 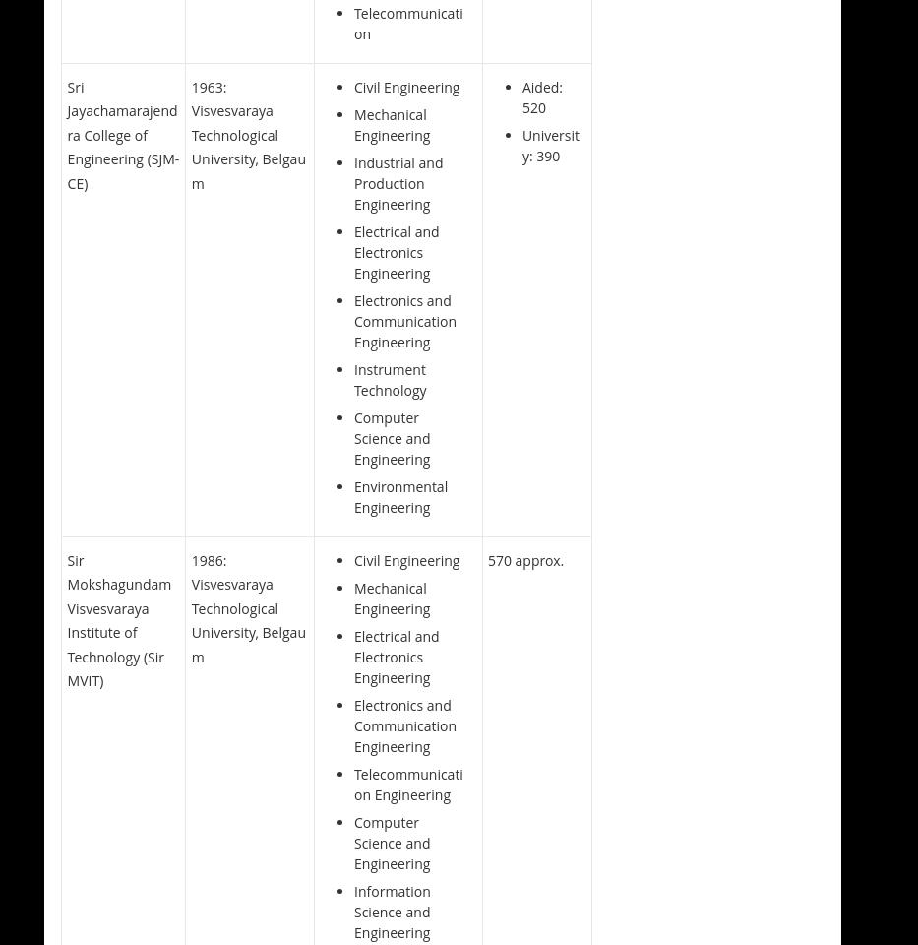 What do you see at coordinates (353, 182) in the screenshot?
I see `'Industrial and Production Engineering'` at bounding box center [353, 182].